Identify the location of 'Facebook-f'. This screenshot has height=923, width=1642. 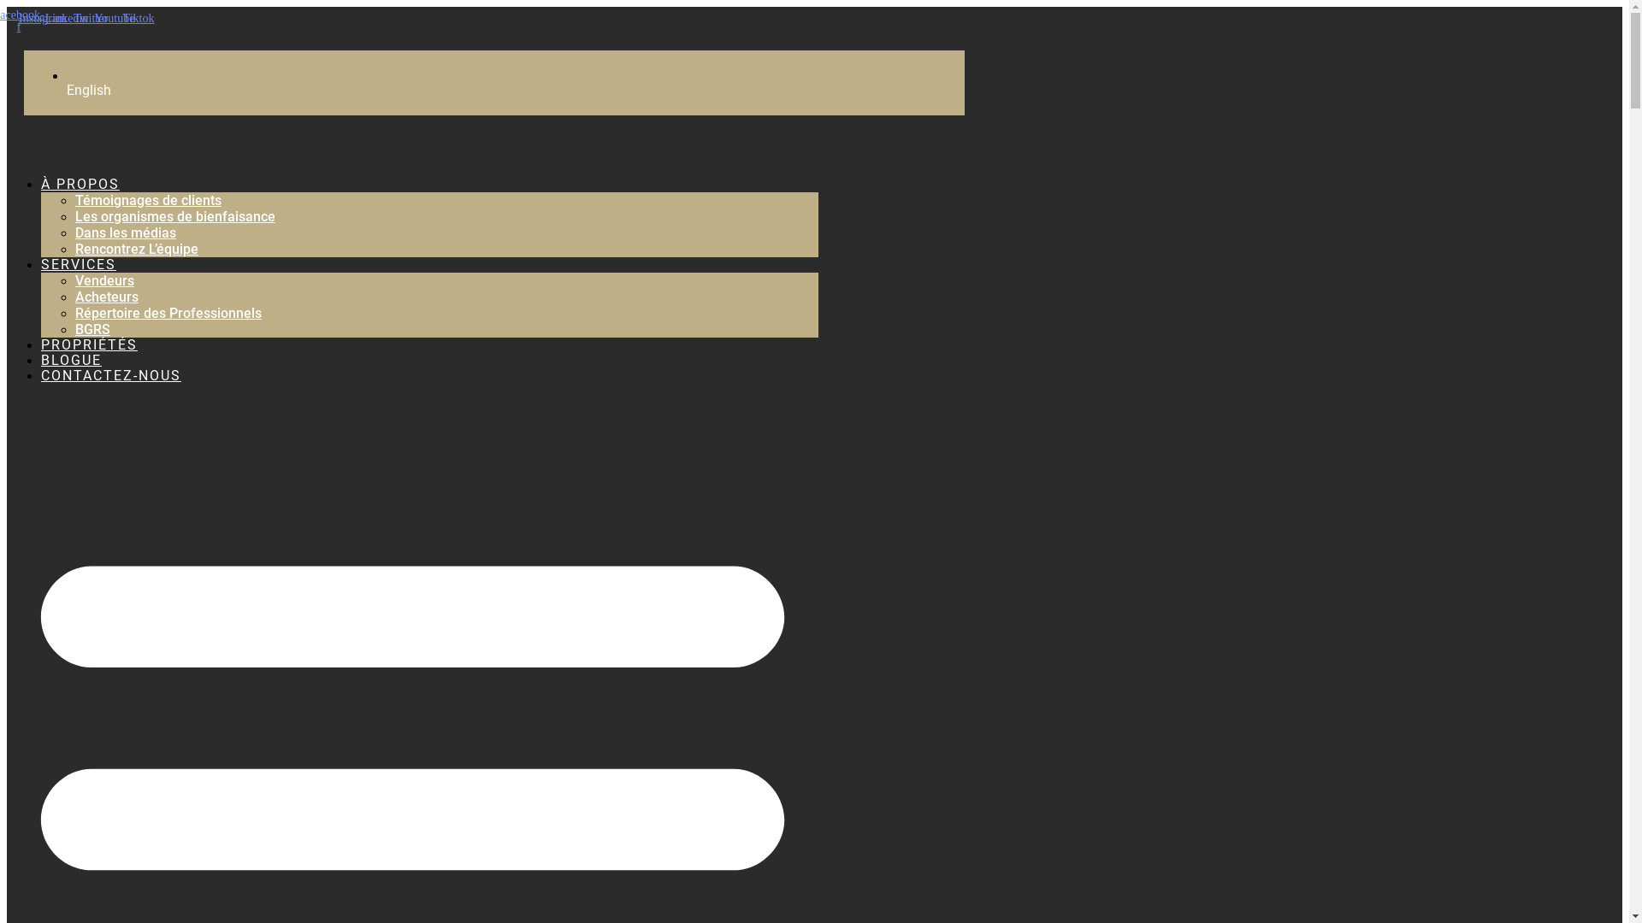
(19, 21).